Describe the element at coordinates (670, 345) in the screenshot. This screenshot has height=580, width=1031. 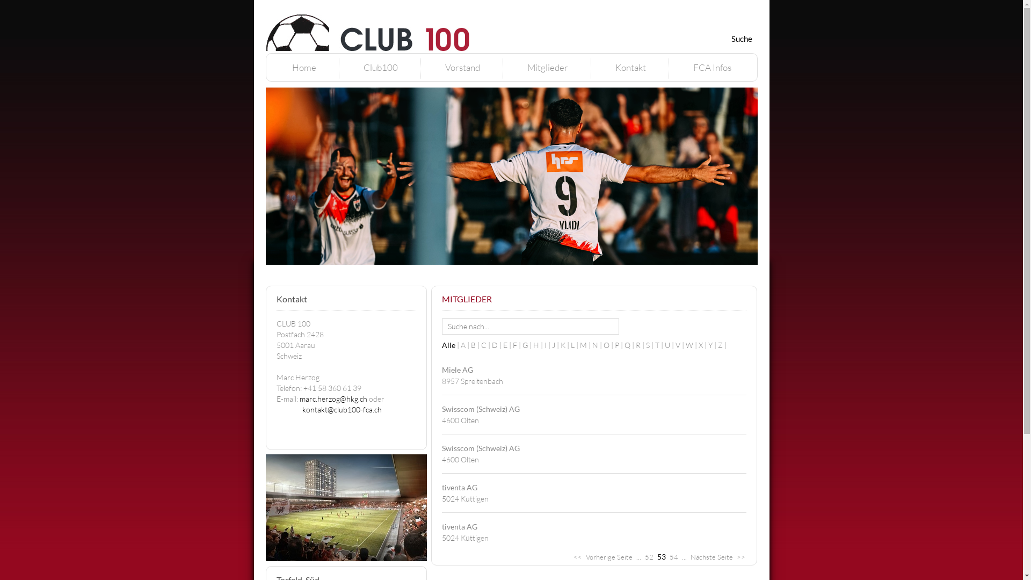
I see `'U'` at that location.